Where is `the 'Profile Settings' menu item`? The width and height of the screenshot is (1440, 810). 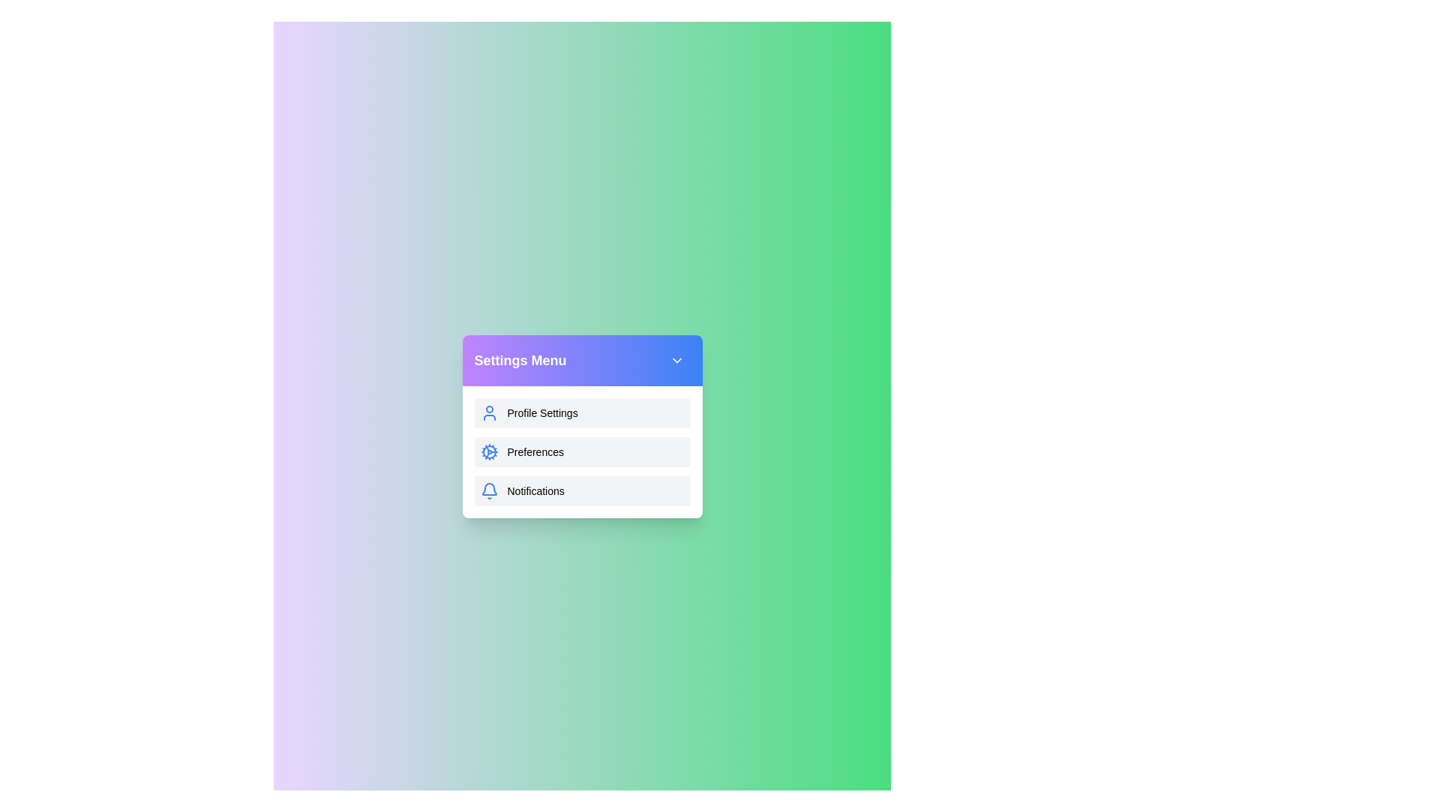
the 'Profile Settings' menu item is located at coordinates (581, 413).